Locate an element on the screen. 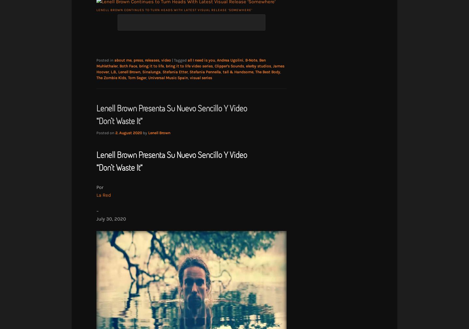 The width and height of the screenshot is (469, 329). 'about me' is located at coordinates (114, 60).